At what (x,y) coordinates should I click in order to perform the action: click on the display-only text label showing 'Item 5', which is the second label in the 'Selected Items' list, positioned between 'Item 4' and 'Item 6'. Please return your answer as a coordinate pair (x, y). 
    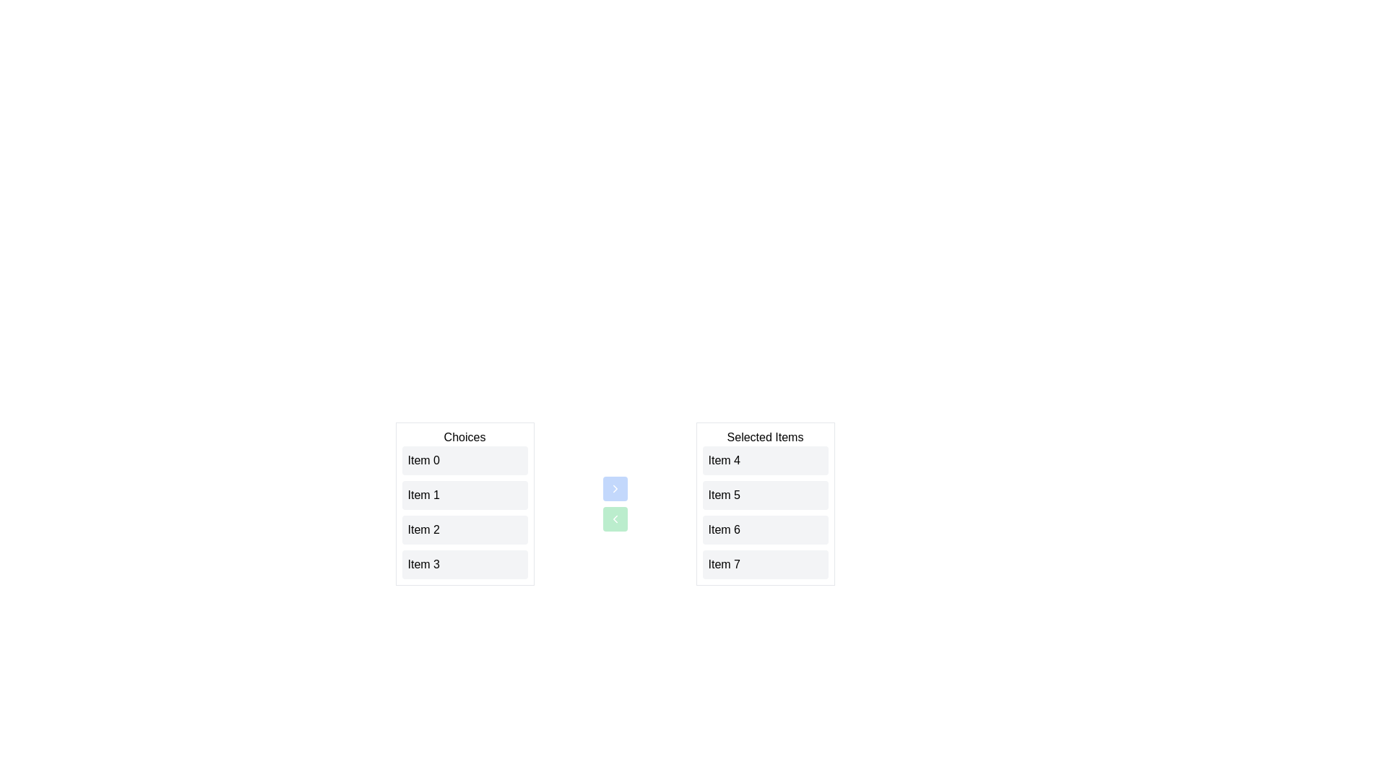
    Looking at the image, I should click on (724, 495).